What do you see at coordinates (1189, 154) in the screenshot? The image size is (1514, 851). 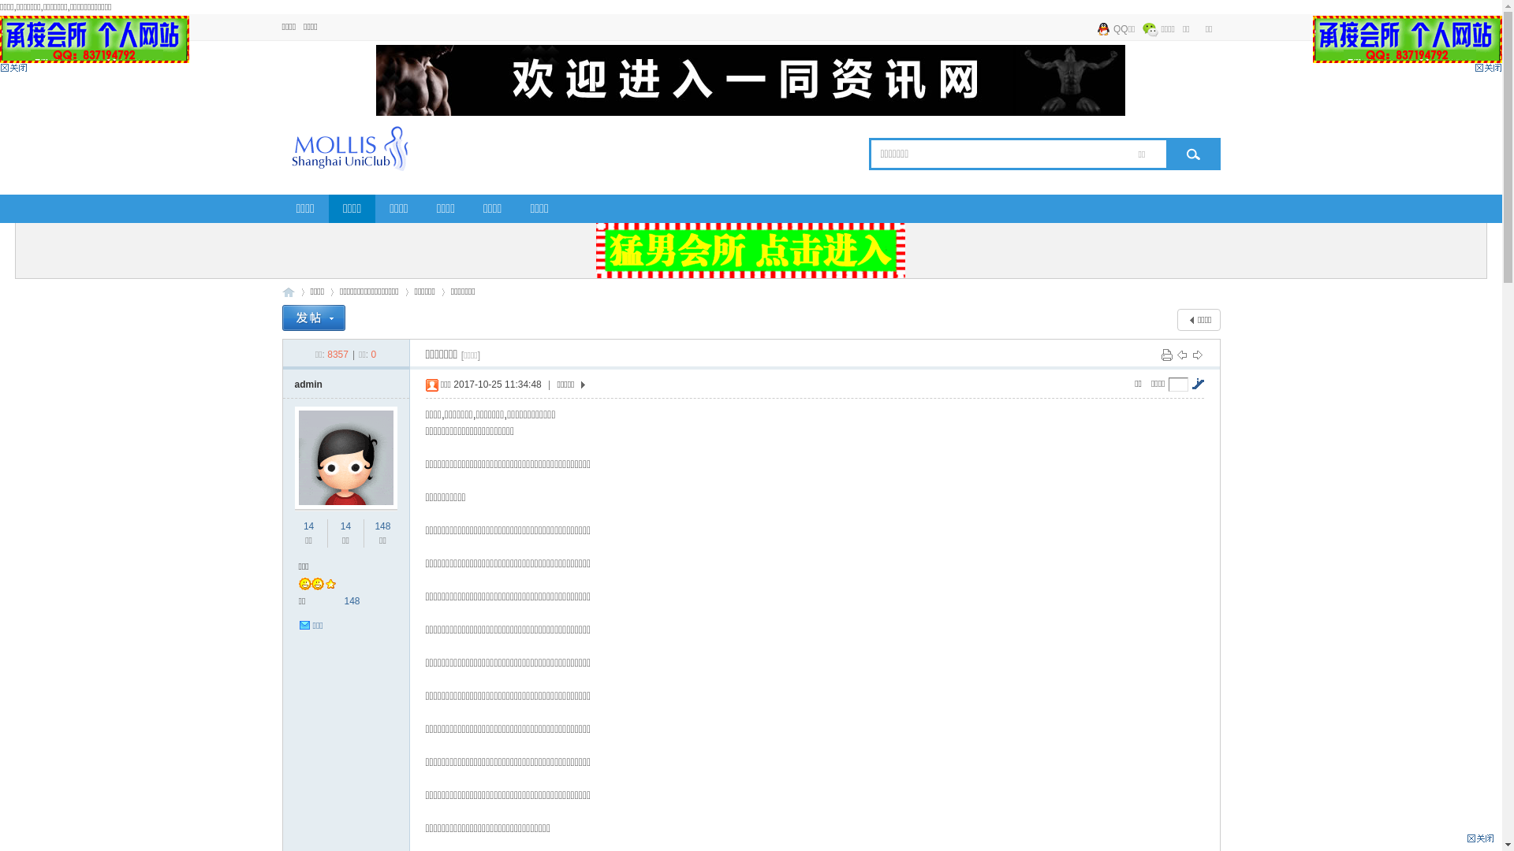 I see `'true'` at bounding box center [1189, 154].